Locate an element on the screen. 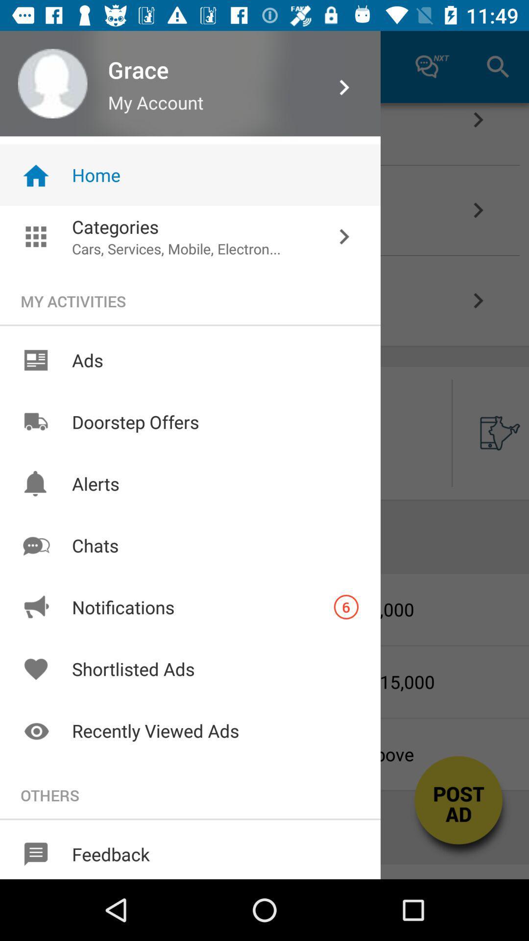 This screenshot has width=529, height=941. the alerts option is located at coordinates (35, 484).